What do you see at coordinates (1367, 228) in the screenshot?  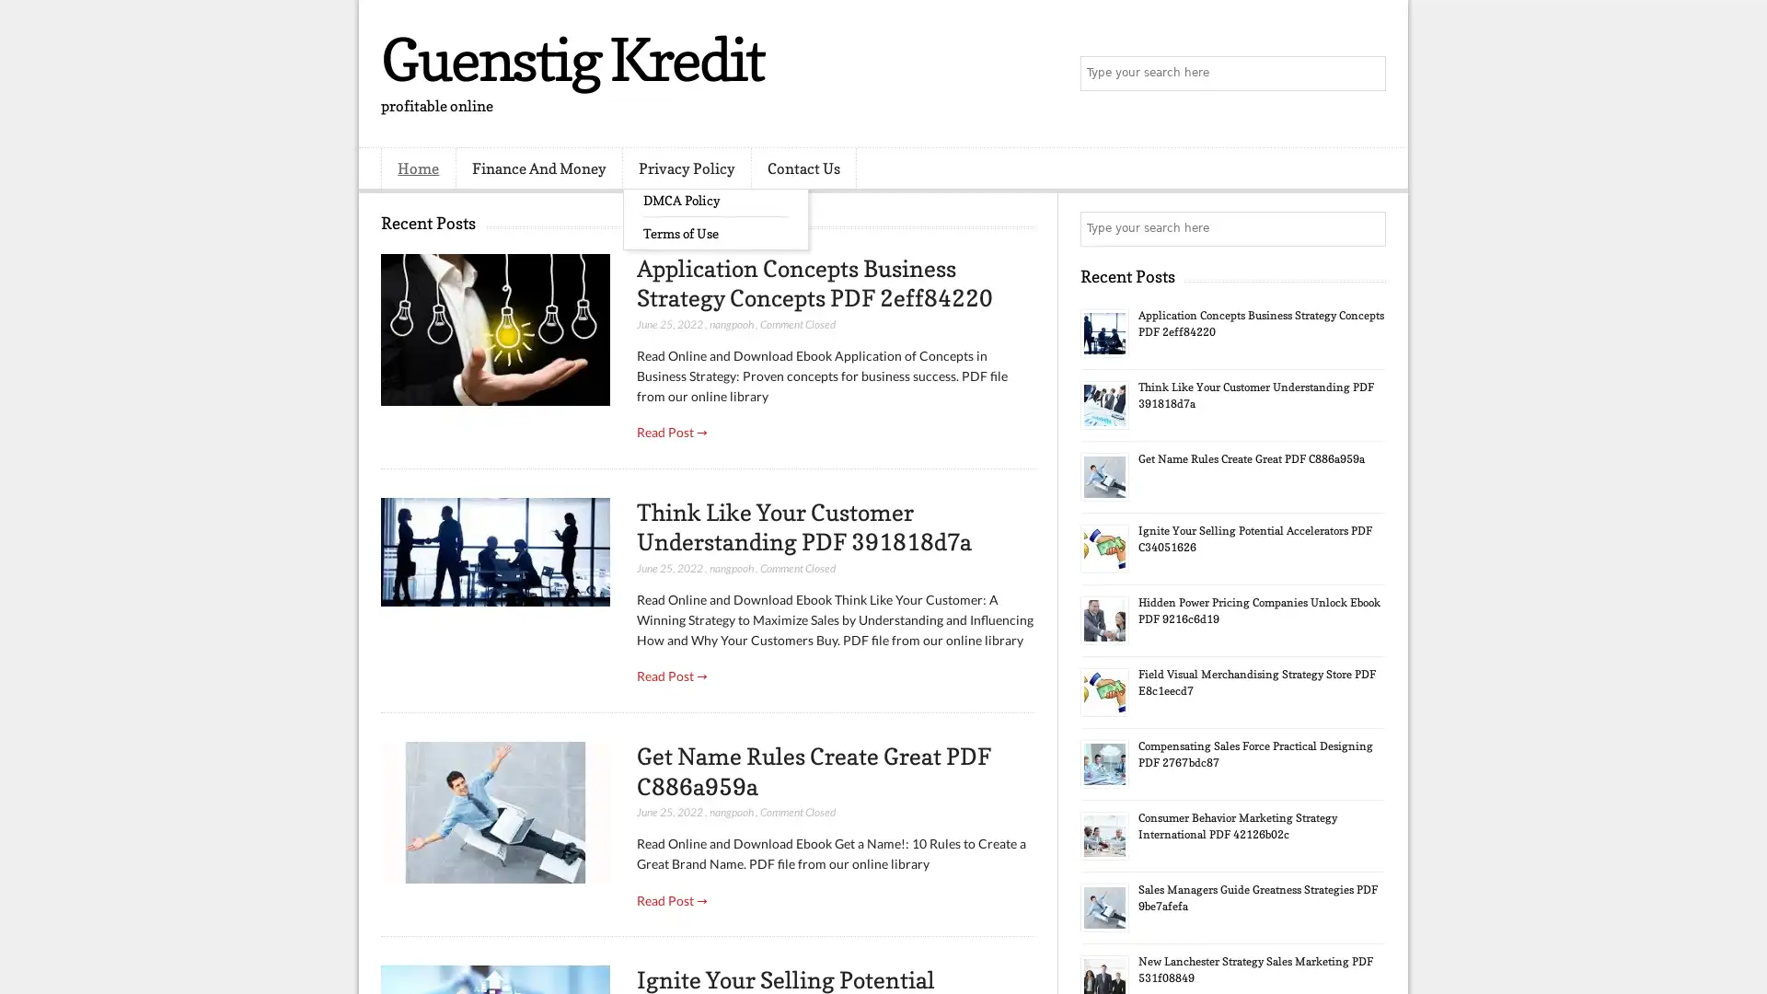 I see `Search` at bounding box center [1367, 228].